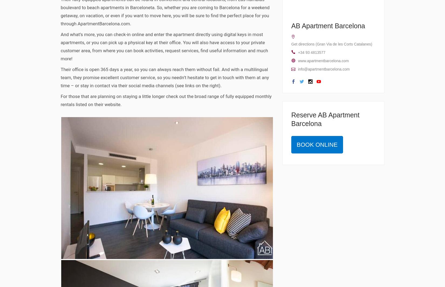 The height and width of the screenshot is (287, 445). What do you see at coordinates (61, 46) in the screenshot?
I see `'And what’s more, you can check-in online and enter the apartment directly using digital keys in most apartments, or you can pick up a physical key at their office. You will also have access to your private customer area, from where you can book activities, request services, find useful information and much more!'` at bounding box center [61, 46].